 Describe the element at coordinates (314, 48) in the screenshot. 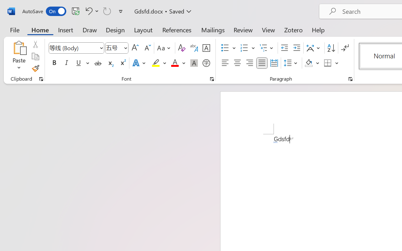

I see `'Asian Layout'` at that location.